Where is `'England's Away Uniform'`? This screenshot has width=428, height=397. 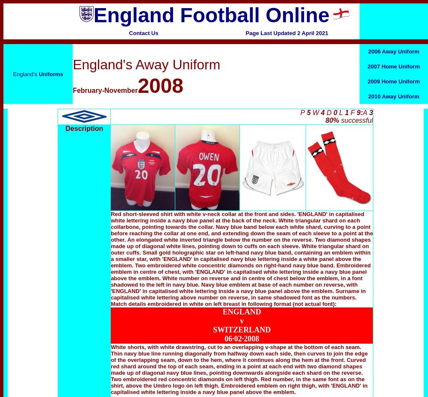 'England's Away Uniform' is located at coordinates (146, 64).